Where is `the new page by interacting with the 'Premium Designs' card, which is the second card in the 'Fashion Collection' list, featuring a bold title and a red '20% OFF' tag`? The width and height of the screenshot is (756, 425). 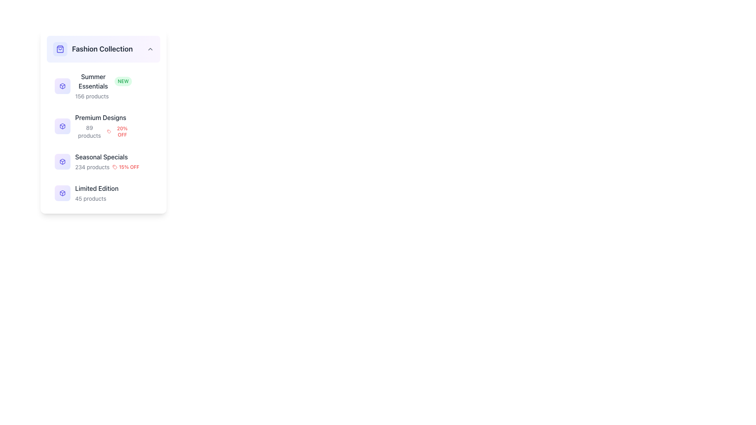 the new page by interacting with the 'Premium Designs' card, which is the second card in the 'Fashion Collection' list, featuring a bold title and a red '20% OFF' tag is located at coordinates (105, 126).